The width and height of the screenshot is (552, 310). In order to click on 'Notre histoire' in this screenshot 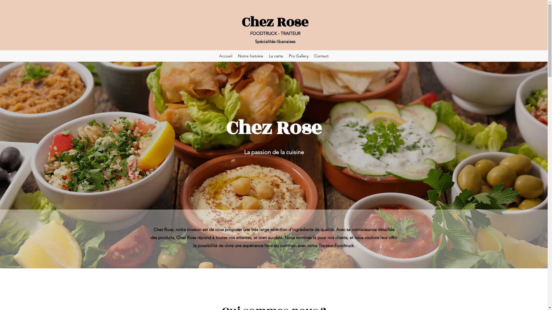, I will do `click(235, 56)`.